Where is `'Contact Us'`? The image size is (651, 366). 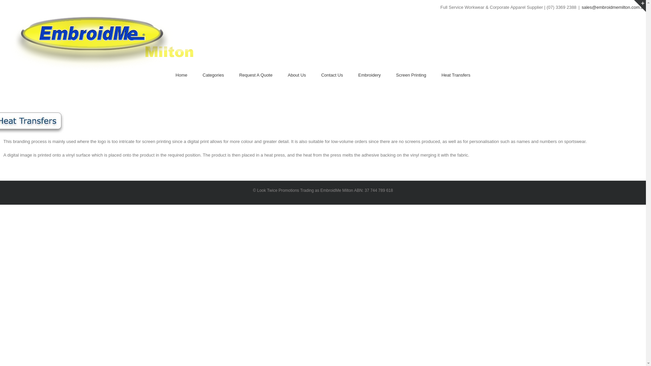 'Contact Us' is located at coordinates (320, 75).